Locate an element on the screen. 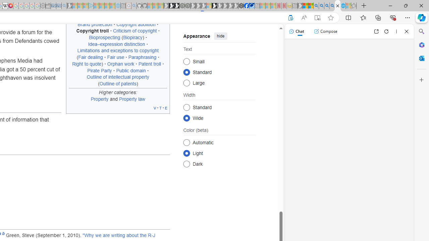 This screenshot has width=429, height=241. 'github - Search - Sleeping' is located at coordinates (134, 6).